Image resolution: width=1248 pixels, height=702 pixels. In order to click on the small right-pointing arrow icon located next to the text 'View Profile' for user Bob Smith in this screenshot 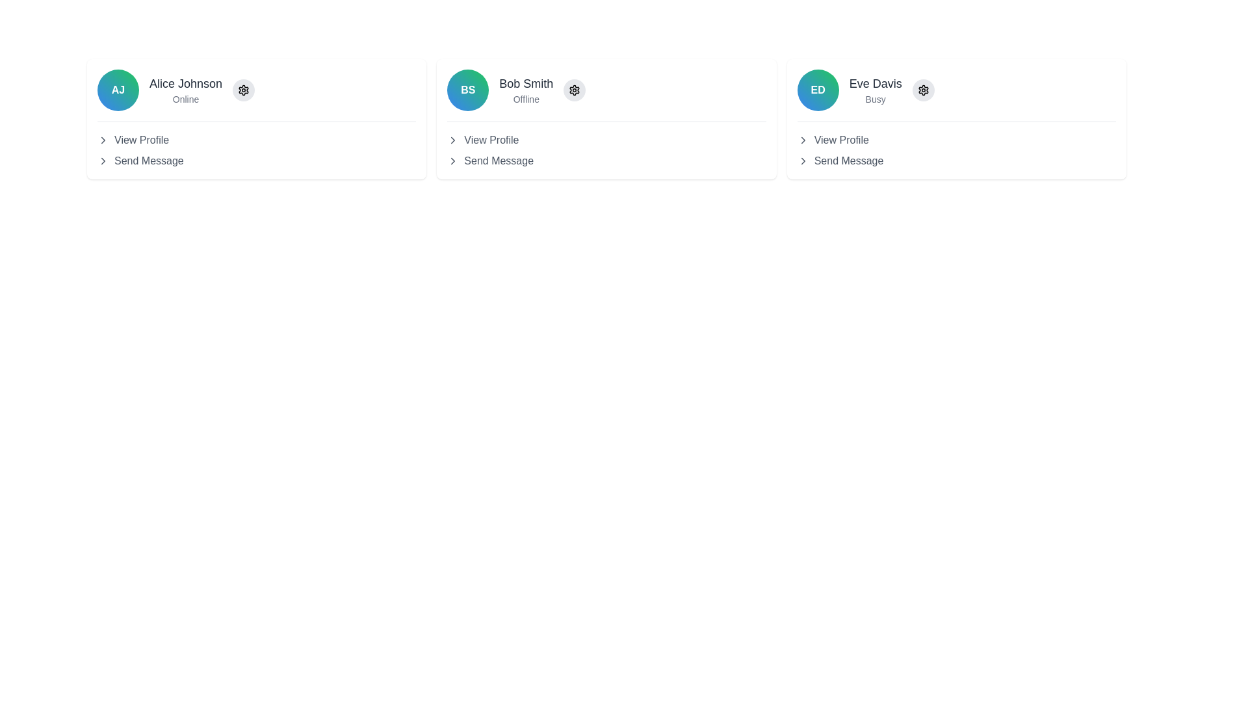, I will do `click(453, 140)`.